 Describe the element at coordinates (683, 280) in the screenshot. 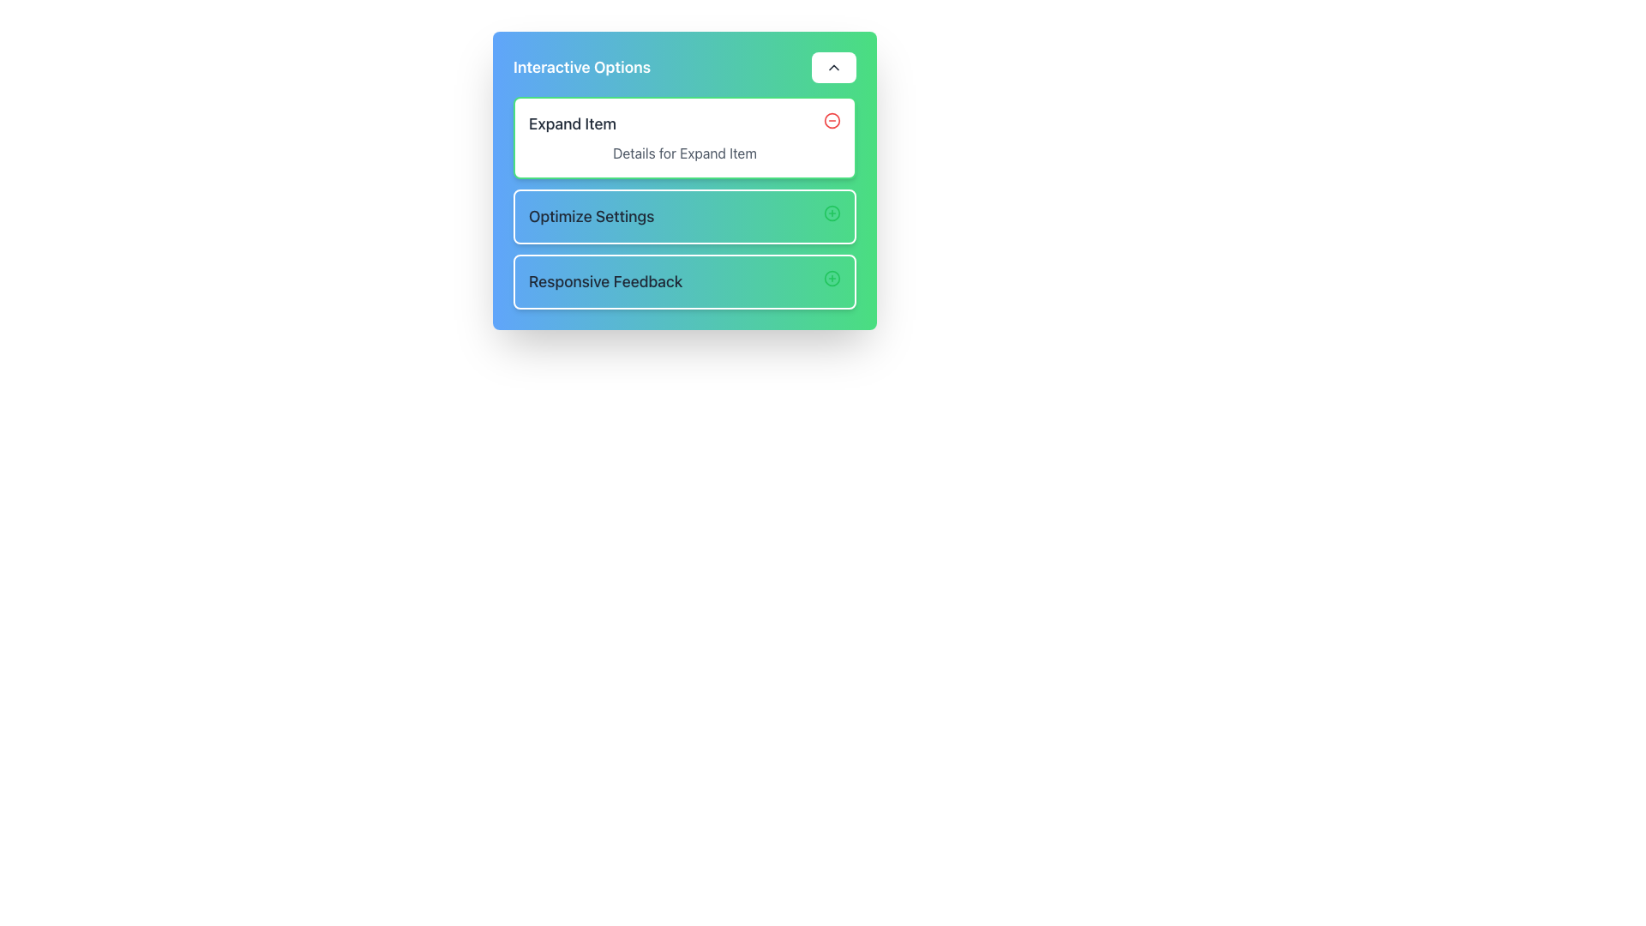

I see `the 'Responsive Feedback' button` at that location.